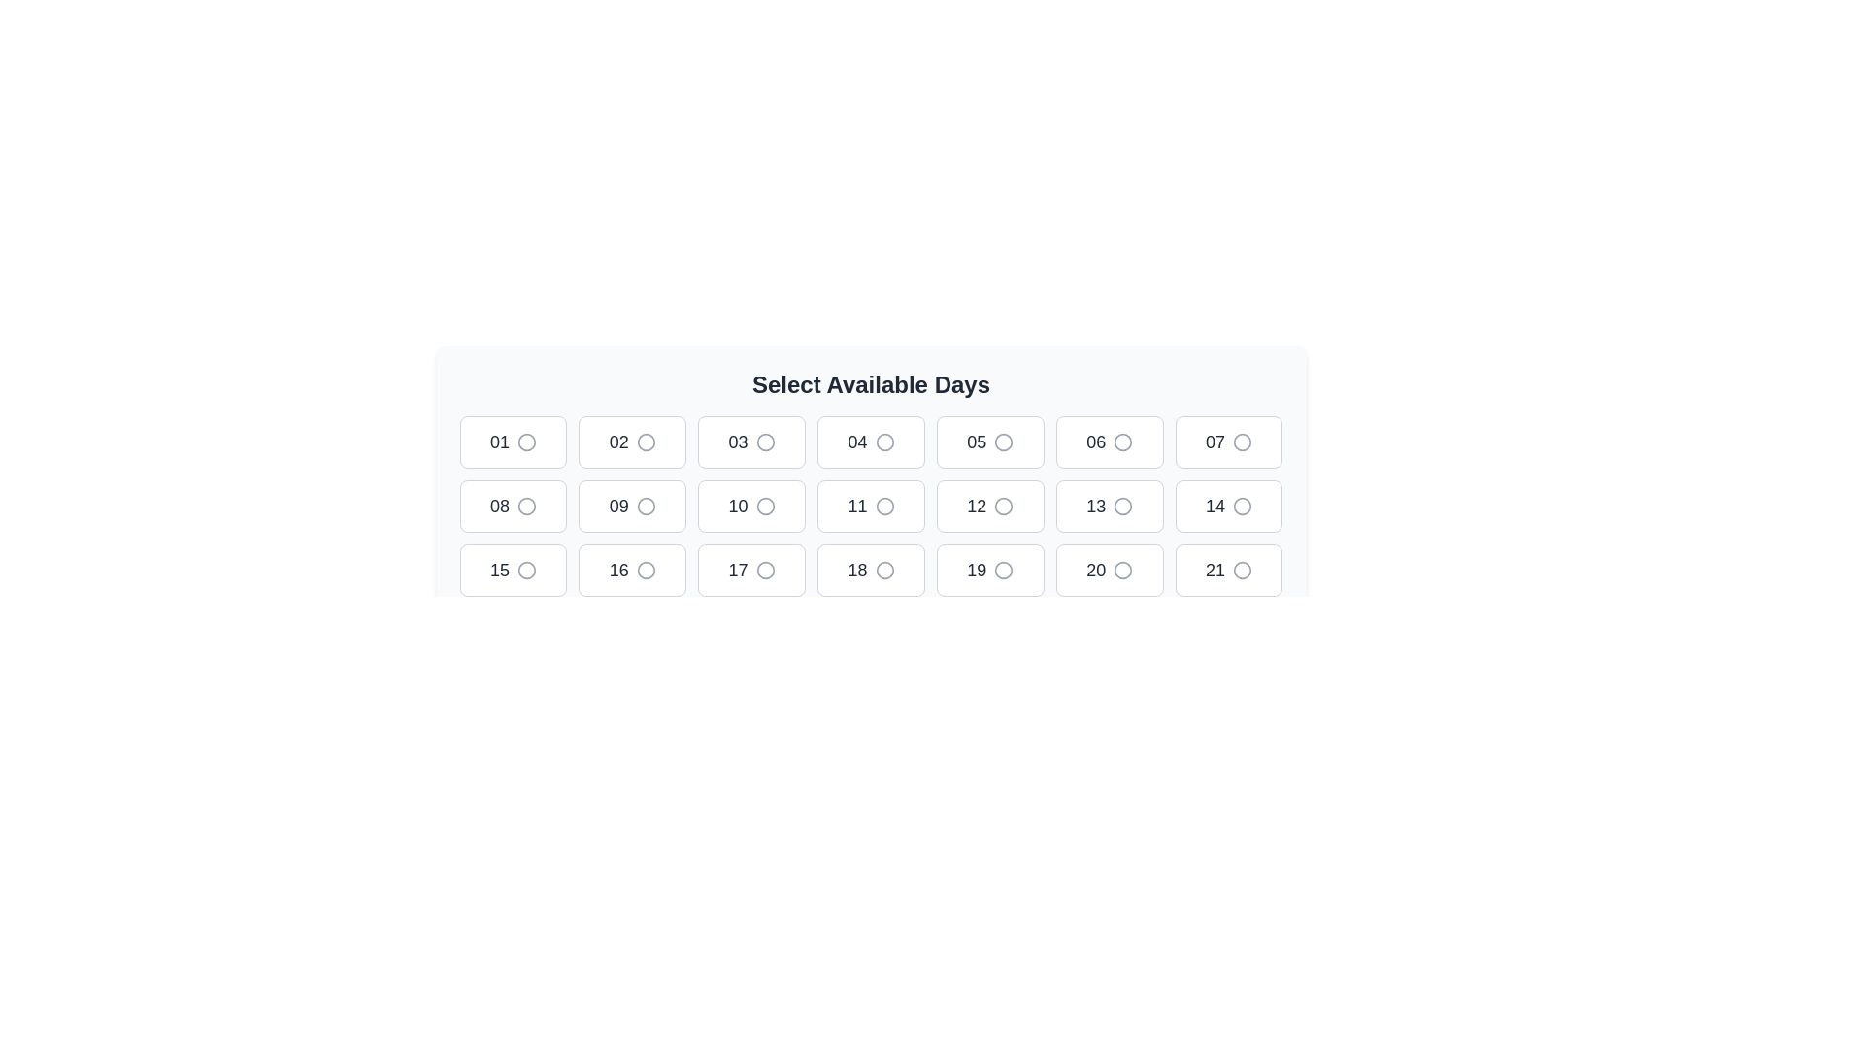 This screenshot has height=1048, width=1864. I want to click on the radio button representing the choice for '12' in the second row of selectable days under 'Select Available Days', so click(1003, 505).